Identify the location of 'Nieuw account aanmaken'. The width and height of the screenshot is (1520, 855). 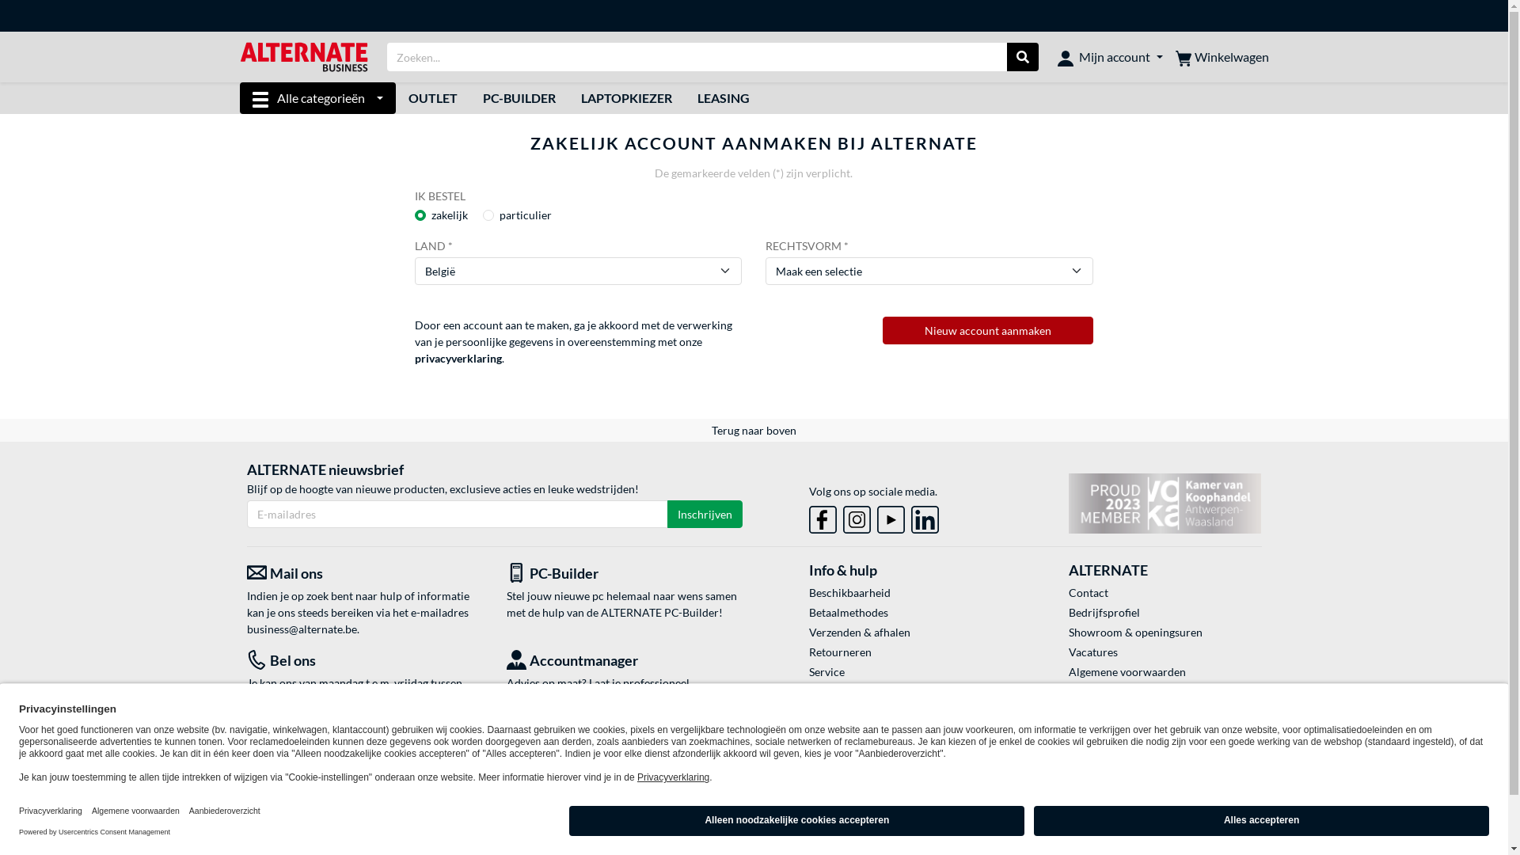
(987, 329).